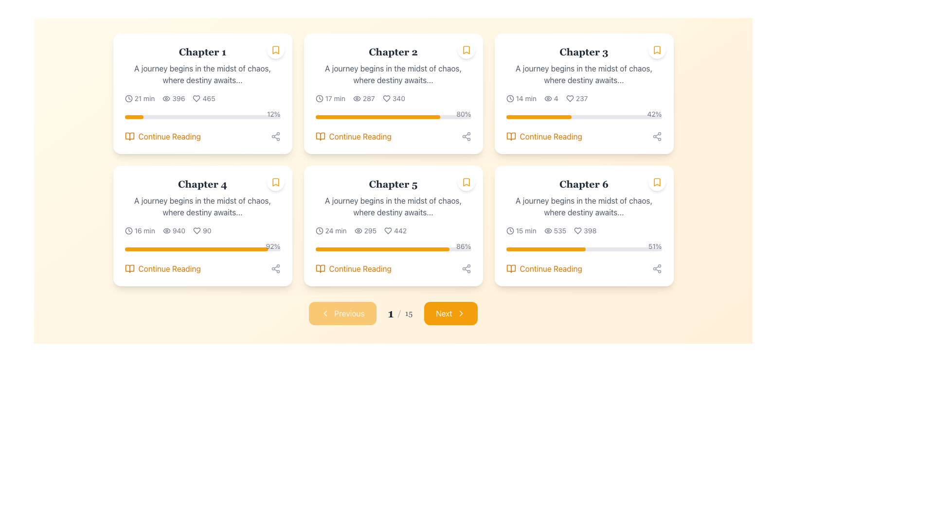 Image resolution: width=934 pixels, height=525 pixels. What do you see at coordinates (463, 114) in the screenshot?
I see `the text label displaying the current progress percentage for Chapter 2, located in the top right corner of the progress bar group within the card` at bounding box center [463, 114].